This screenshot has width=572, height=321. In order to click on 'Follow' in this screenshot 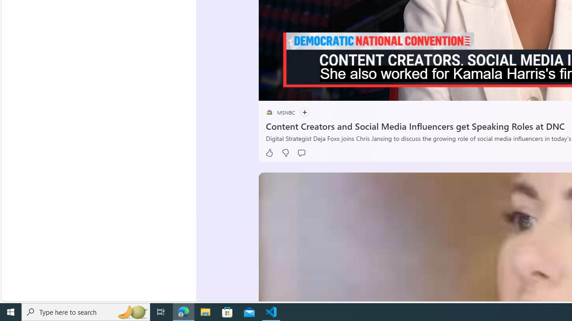, I will do `click(300, 112)`.